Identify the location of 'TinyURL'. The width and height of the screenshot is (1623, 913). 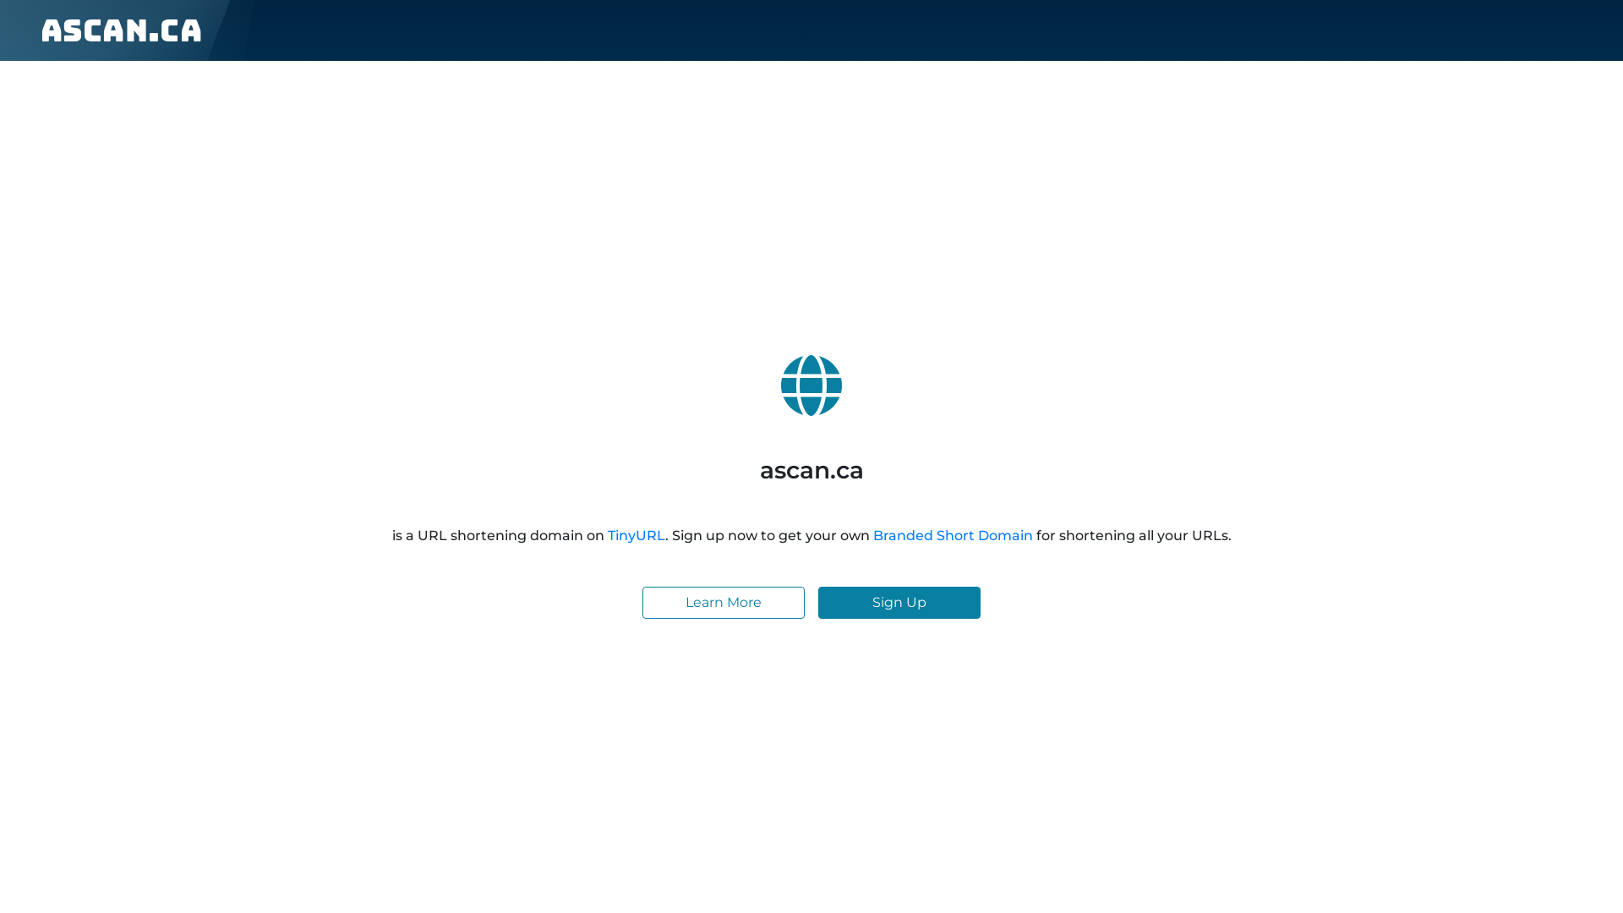
(635, 535).